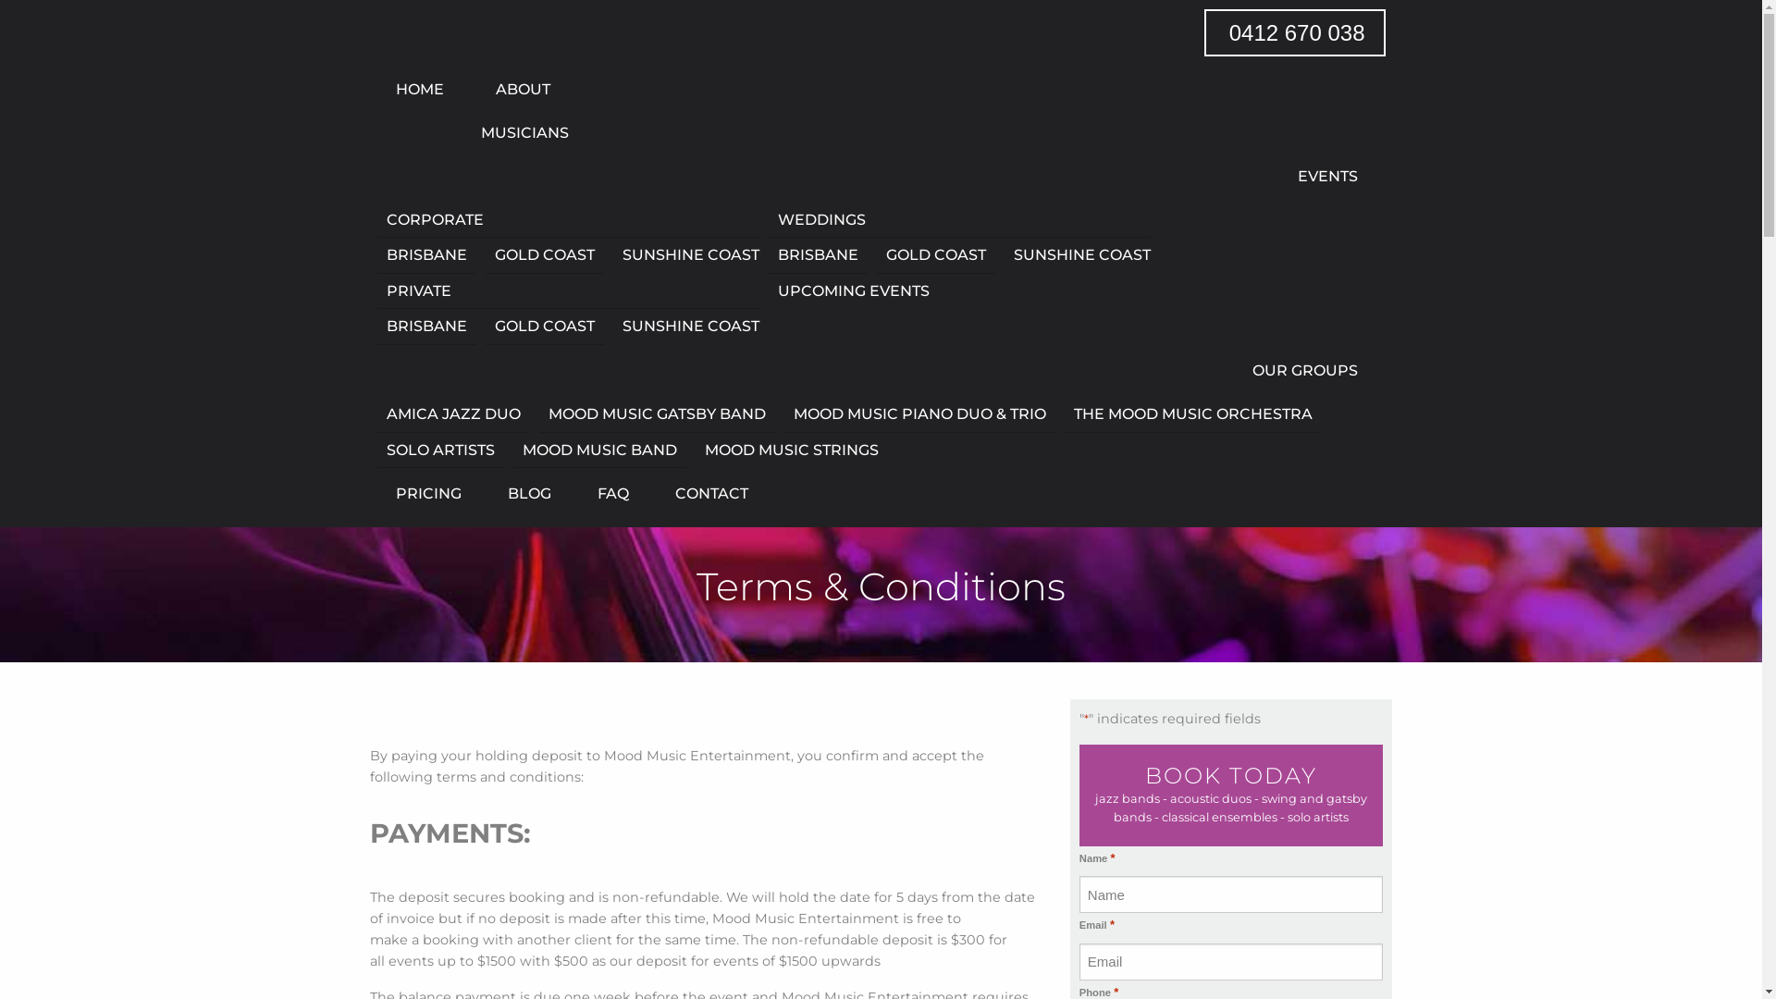 The width and height of the screenshot is (1776, 999). Describe the element at coordinates (1065, 413) in the screenshot. I see `'THE MOOD MUSIC ORCHESTRA'` at that location.